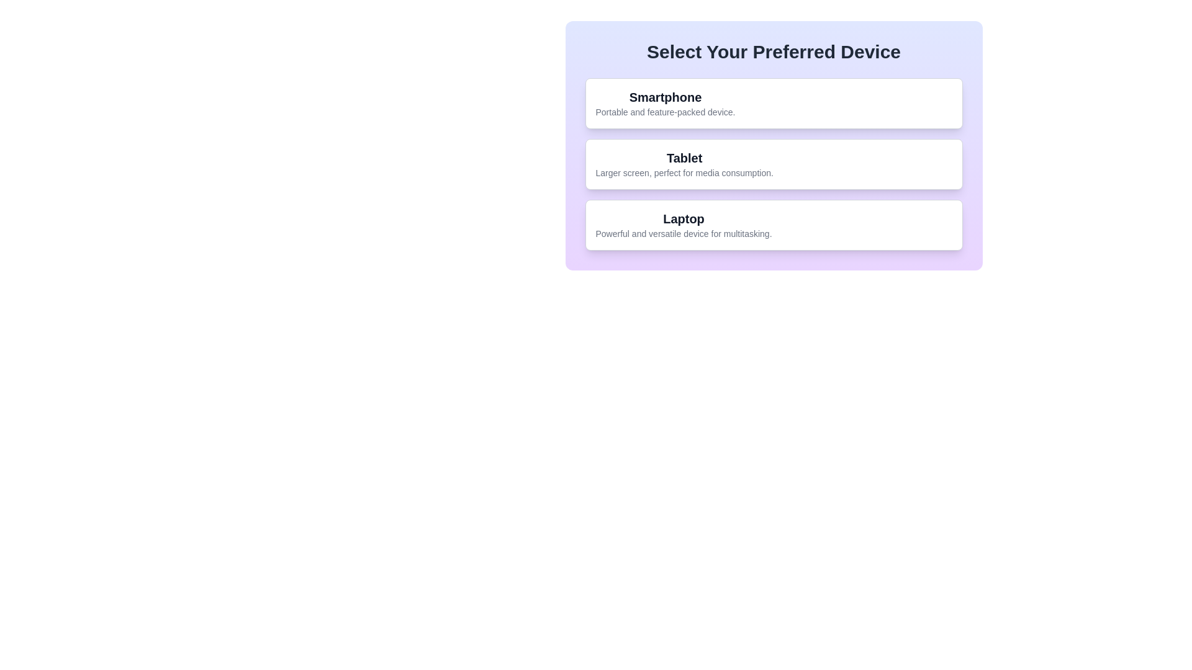 This screenshot has width=1192, height=670. What do you see at coordinates (664, 97) in the screenshot?
I see `the Text Label that identifies the first option in the list of devices, which is positioned above the descriptive subtitle 'Portable and feature-packed device.'` at bounding box center [664, 97].